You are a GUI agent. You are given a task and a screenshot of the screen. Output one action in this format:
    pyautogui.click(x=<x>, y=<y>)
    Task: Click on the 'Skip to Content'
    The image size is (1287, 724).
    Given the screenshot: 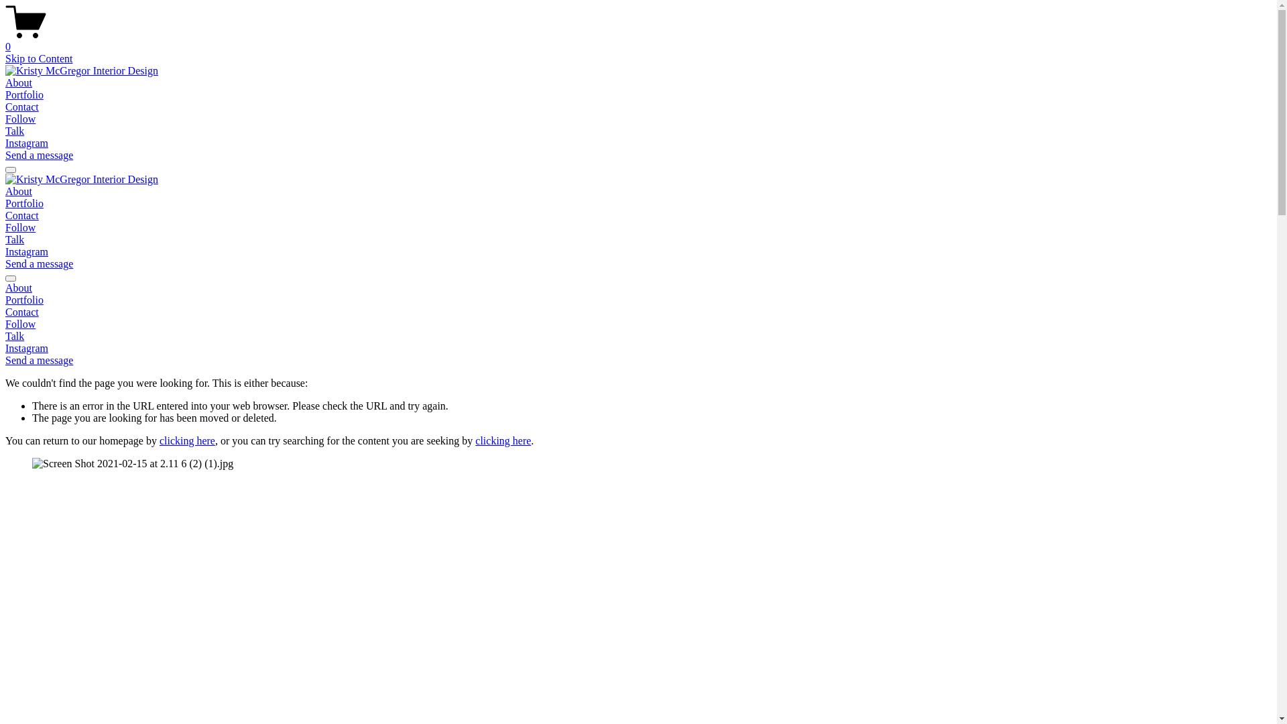 What is the action you would take?
    pyautogui.click(x=38, y=58)
    